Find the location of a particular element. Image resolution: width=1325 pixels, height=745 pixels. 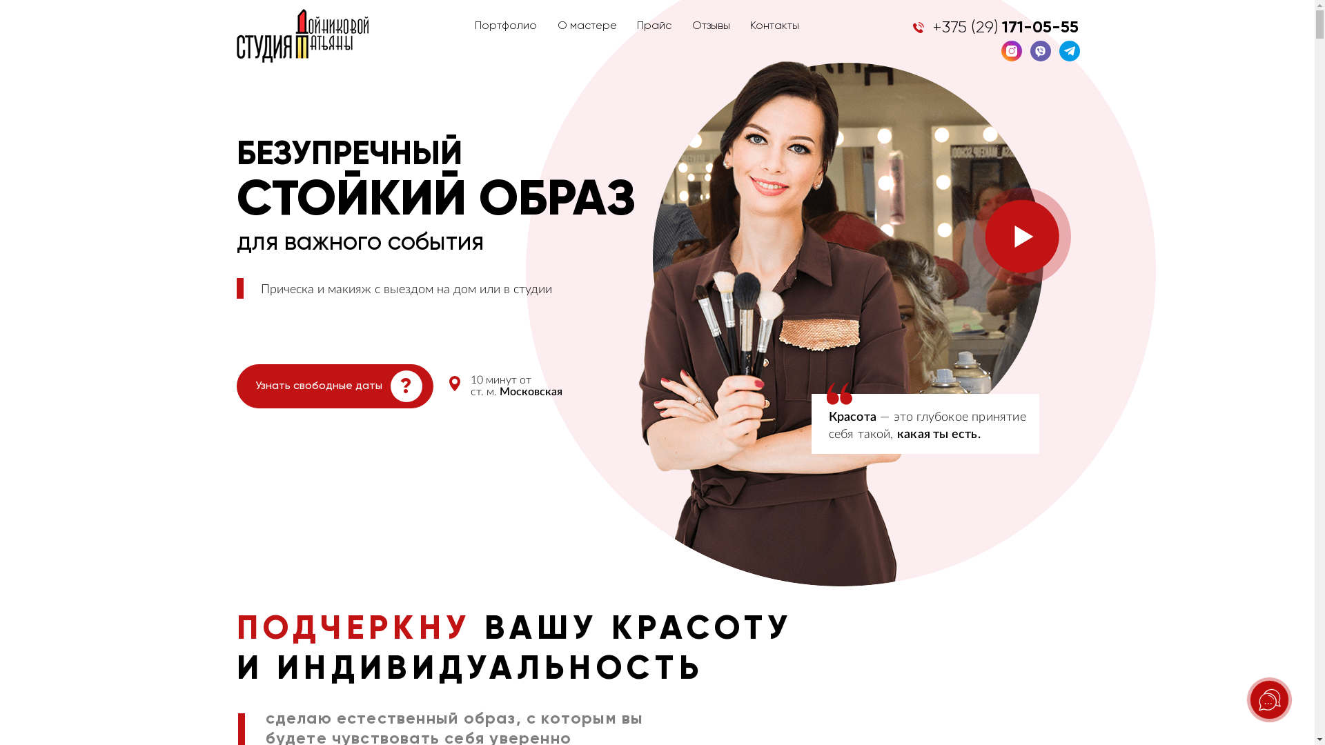

'+375 (29) 171-05-55' is located at coordinates (994, 26).